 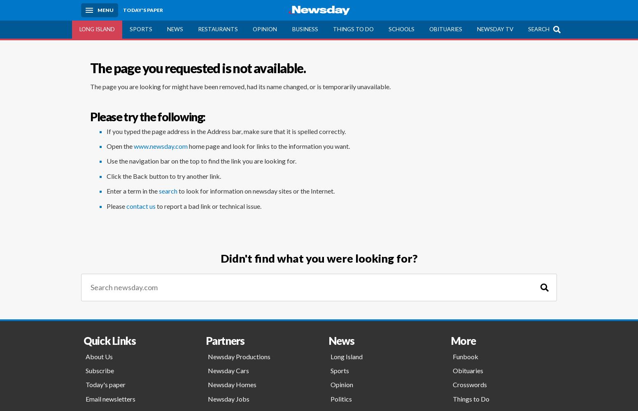 What do you see at coordinates (232, 384) in the screenshot?
I see `'Newsday Homes'` at bounding box center [232, 384].